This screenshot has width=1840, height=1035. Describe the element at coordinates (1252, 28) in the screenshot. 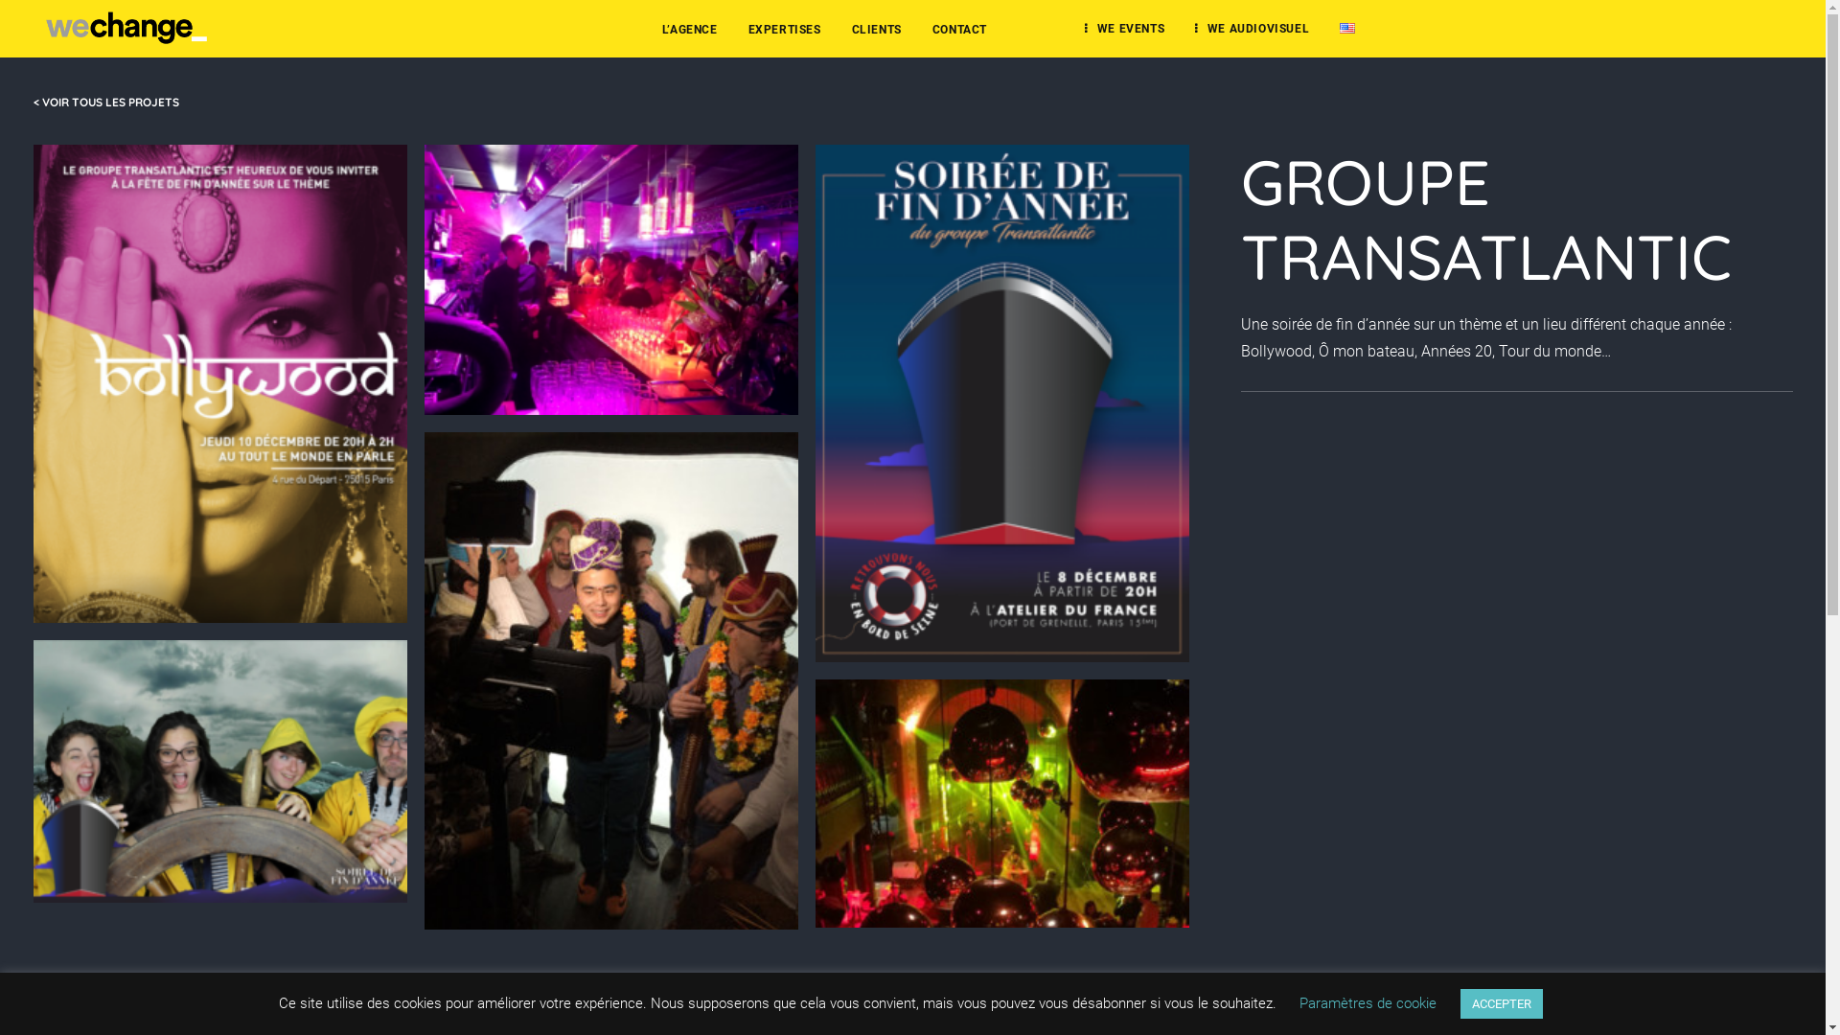

I see `'WE AUDIOVISUEL'` at that location.